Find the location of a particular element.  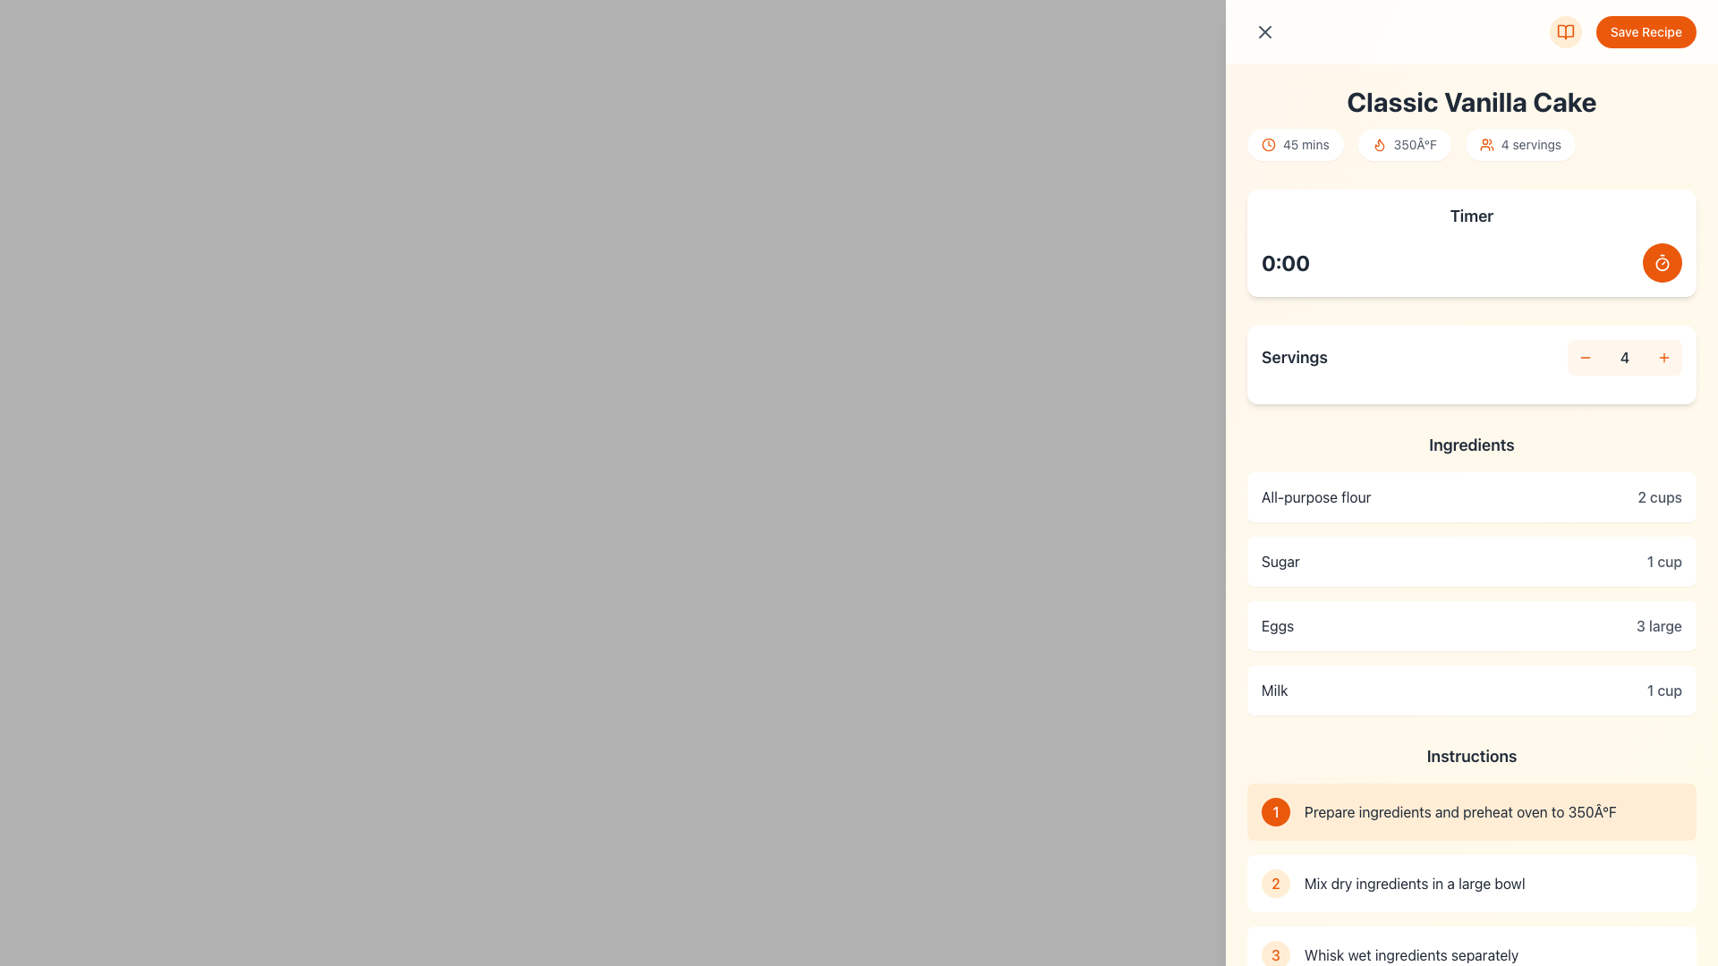

the buttons of the 'Servings' interactive input group to receive additional feedback is located at coordinates (1472, 358).